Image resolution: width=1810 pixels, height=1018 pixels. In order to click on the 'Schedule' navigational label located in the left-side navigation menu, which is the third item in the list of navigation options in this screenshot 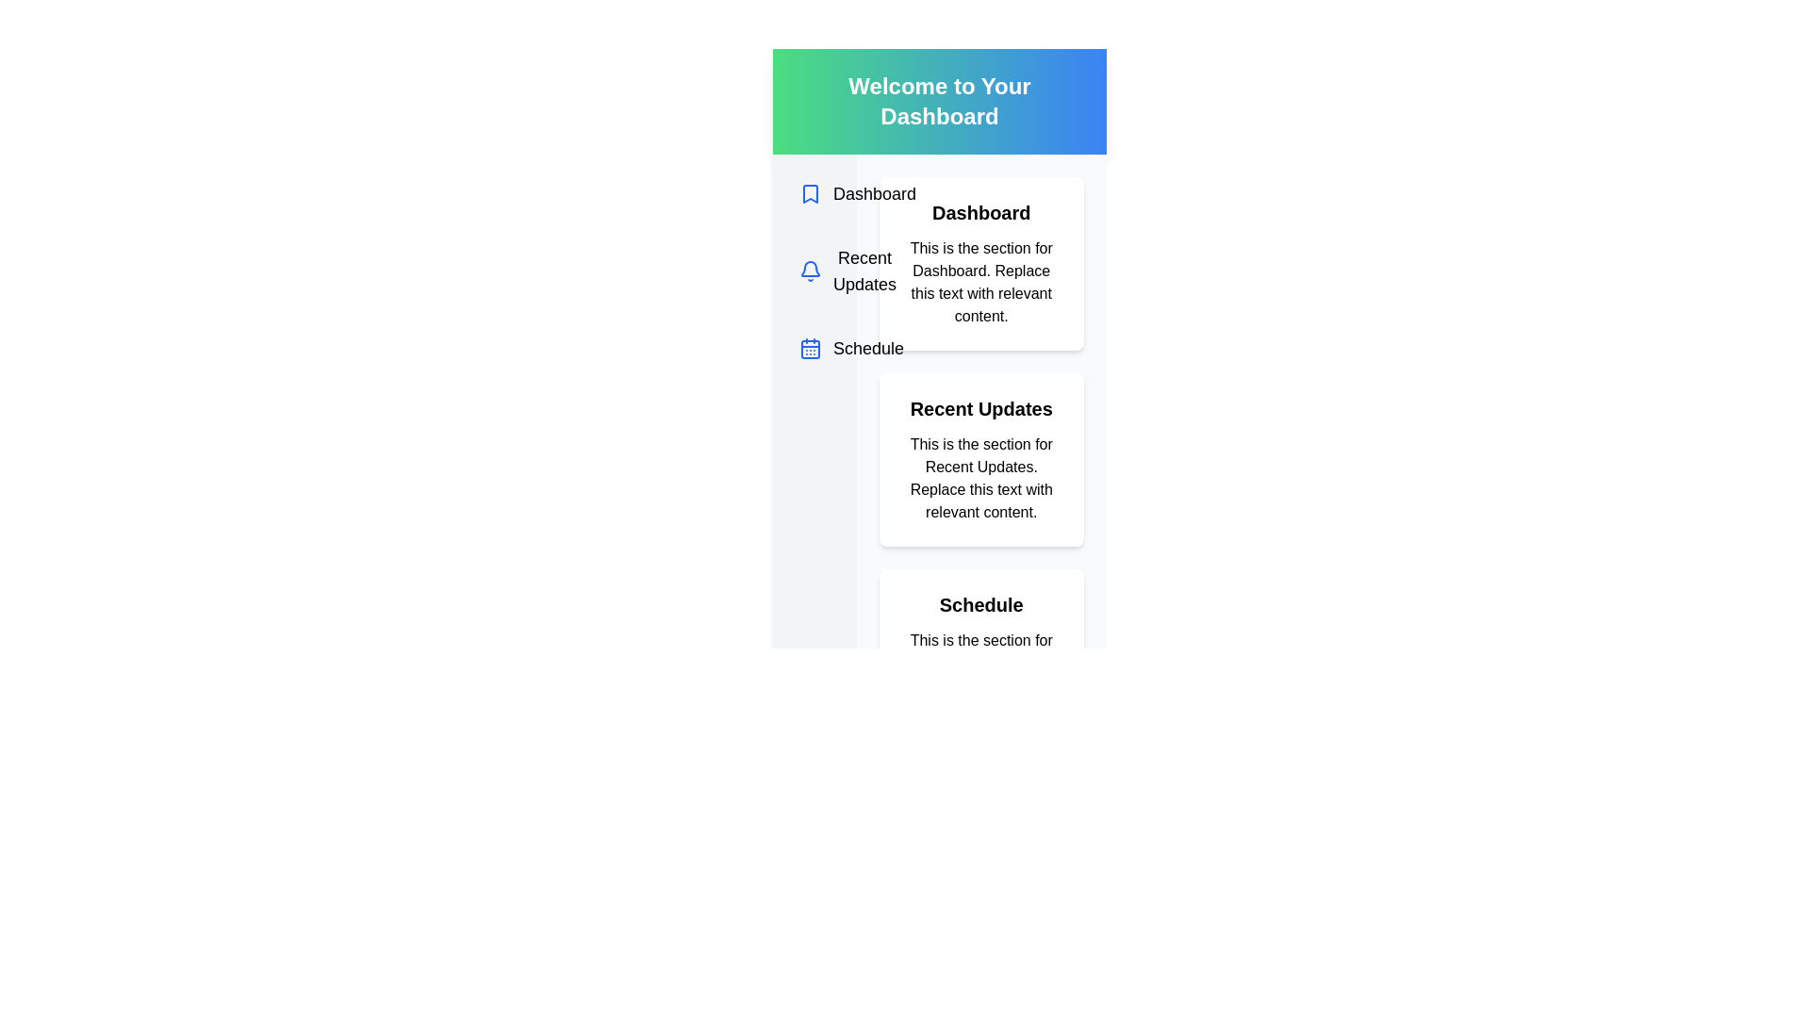, I will do `click(867, 349)`.